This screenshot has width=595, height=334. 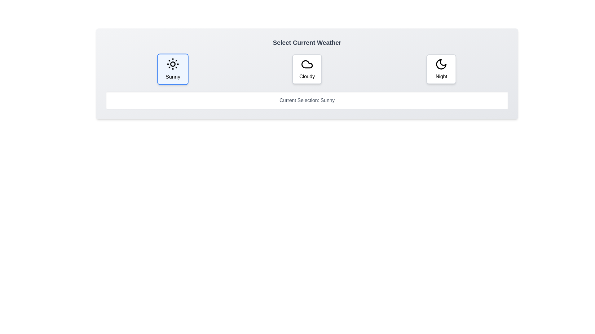 I want to click on the button corresponding to the weather option Night, so click(x=441, y=69).